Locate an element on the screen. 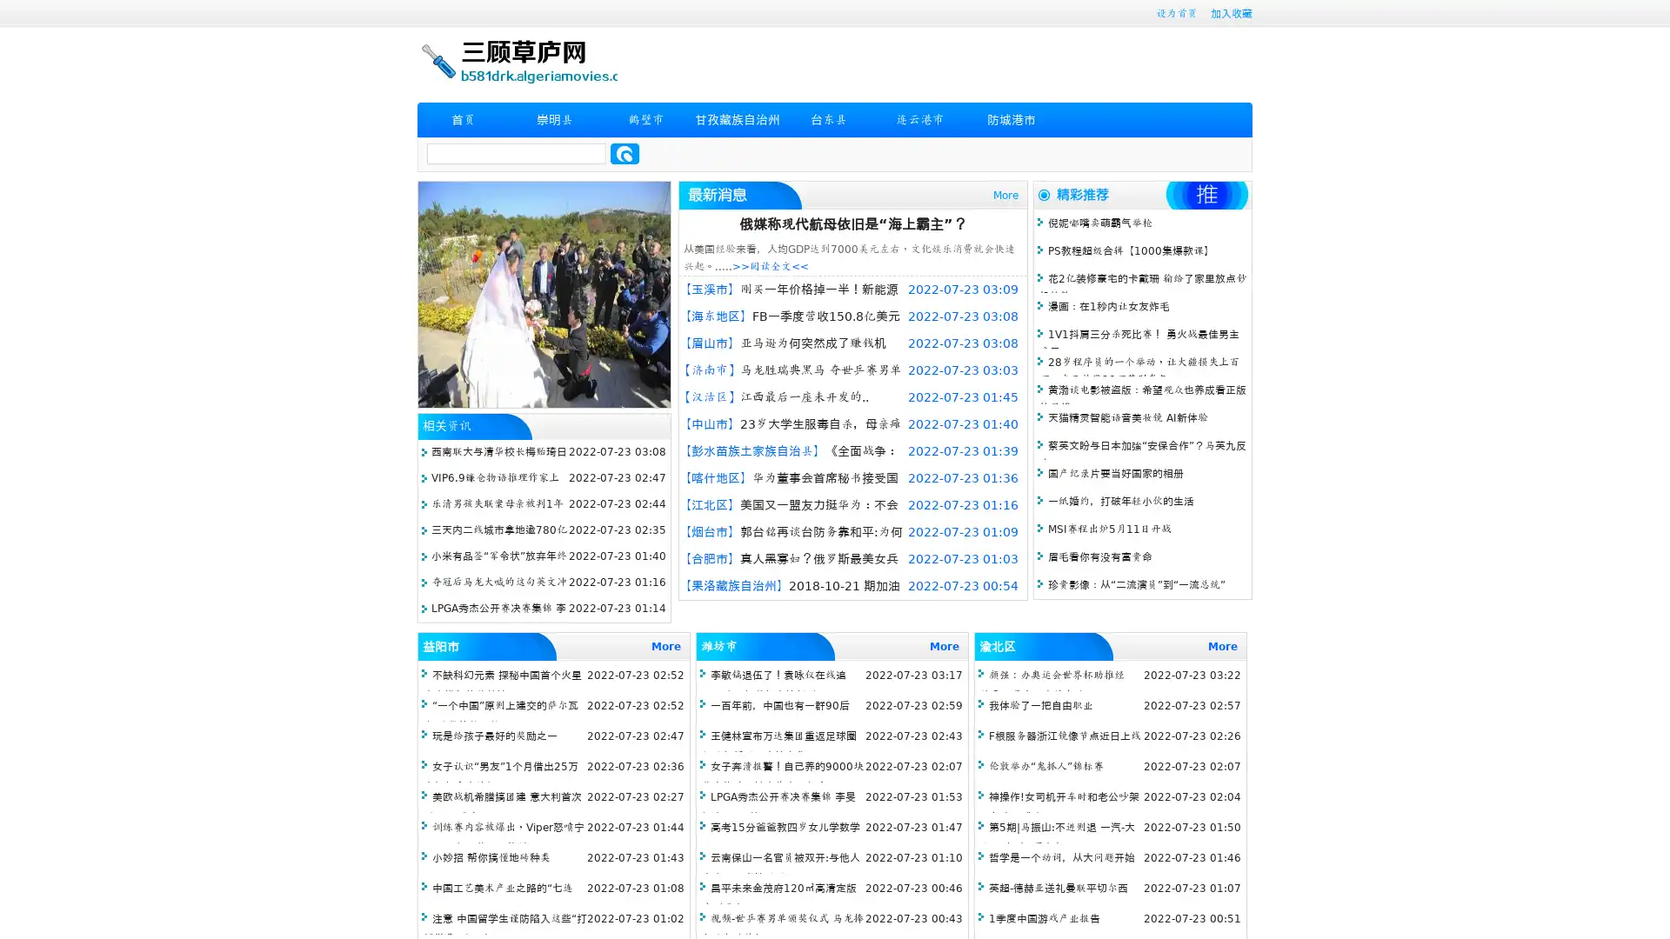  Search is located at coordinates (625, 153).